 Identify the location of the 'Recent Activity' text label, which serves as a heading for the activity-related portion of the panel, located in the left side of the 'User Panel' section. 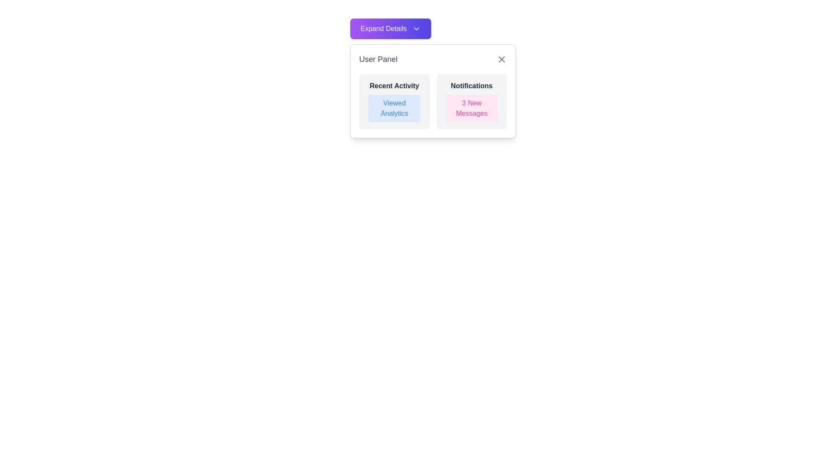
(394, 86).